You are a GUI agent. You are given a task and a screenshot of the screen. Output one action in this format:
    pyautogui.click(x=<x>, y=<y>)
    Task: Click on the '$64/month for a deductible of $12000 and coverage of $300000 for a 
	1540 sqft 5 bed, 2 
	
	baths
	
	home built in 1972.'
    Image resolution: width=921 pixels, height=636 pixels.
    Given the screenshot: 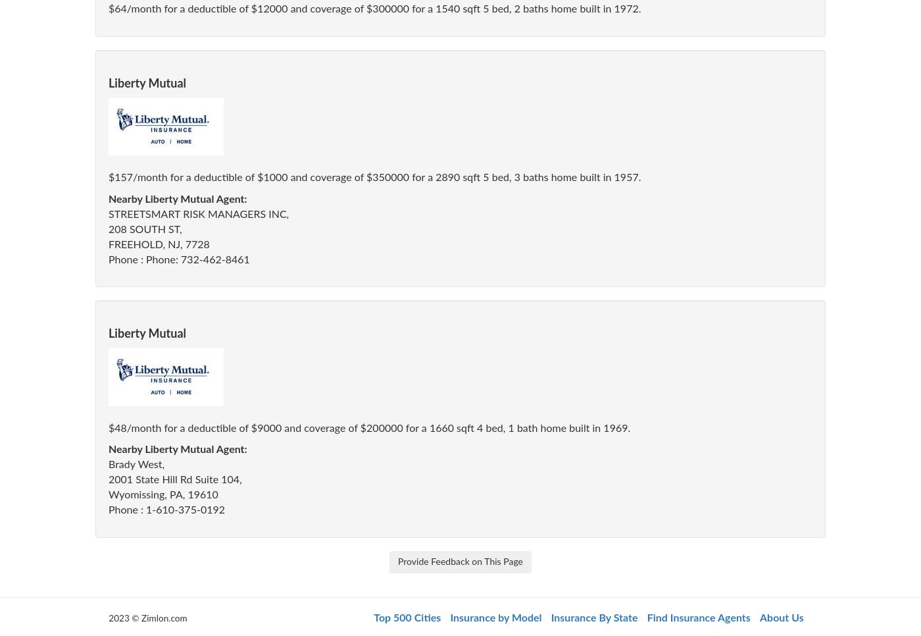 What is the action you would take?
    pyautogui.click(x=109, y=9)
    